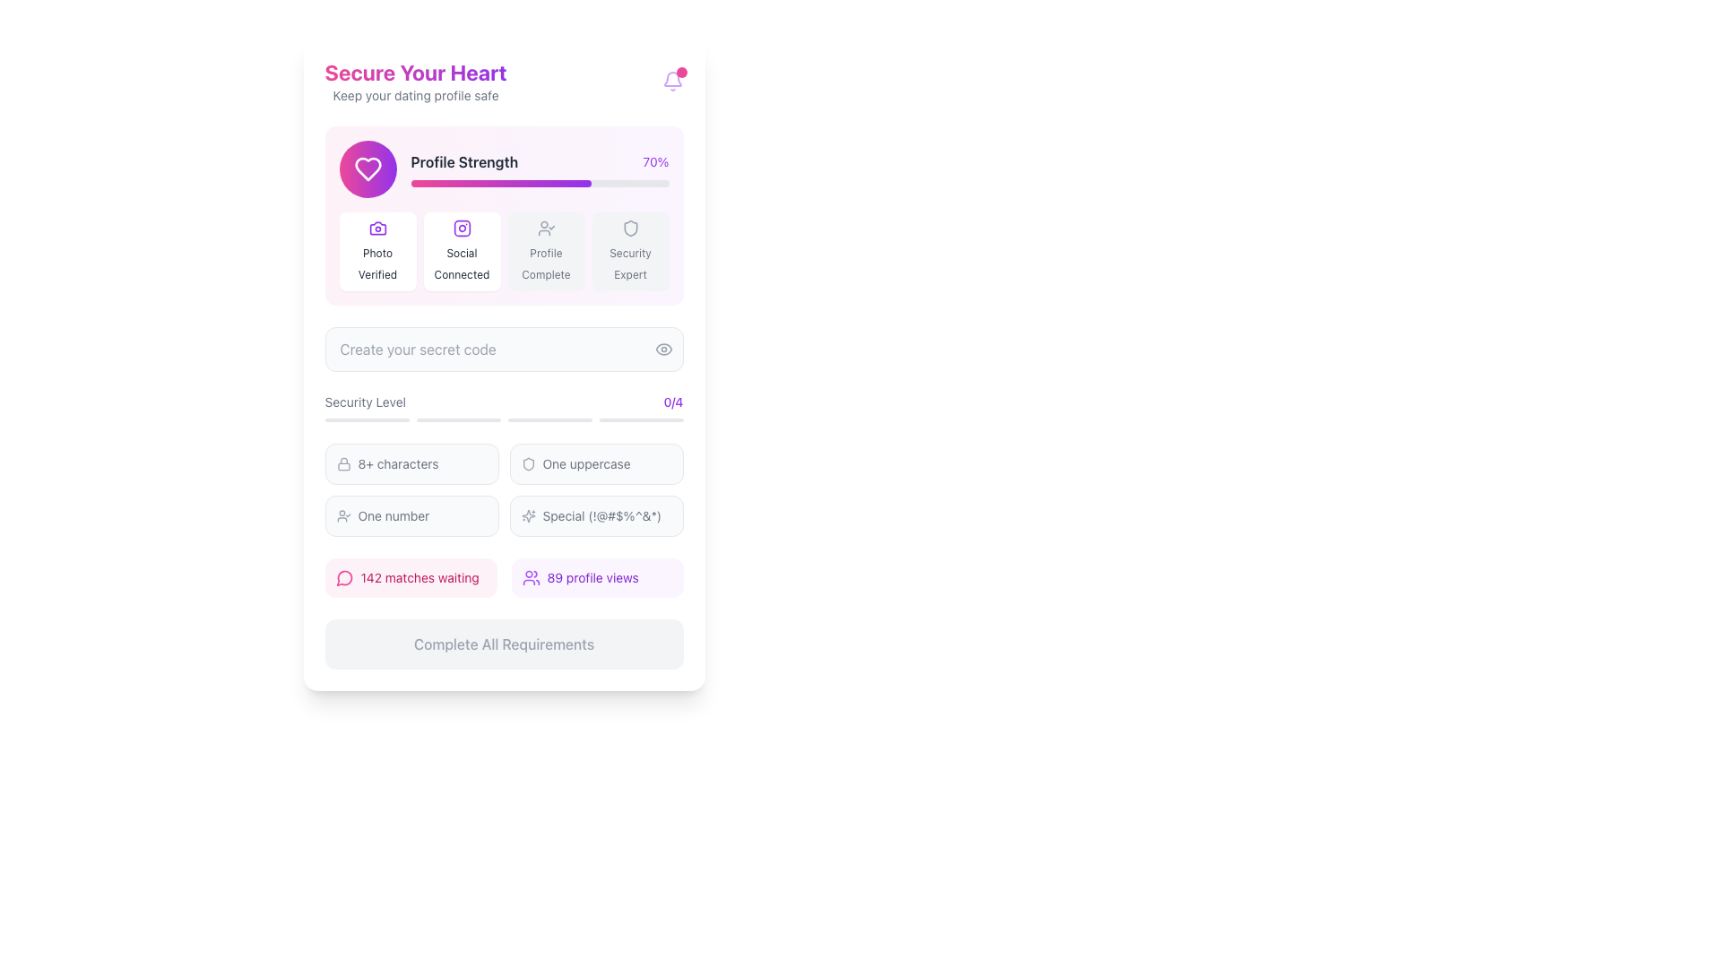 The width and height of the screenshot is (1721, 968). What do you see at coordinates (586, 462) in the screenshot?
I see `text label displaying 'One uppercase' located in the 'Security Level' section, which is the second condition within a row of security requirements, positioned to the right of the corresponding icon` at bounding box center [586, 462].